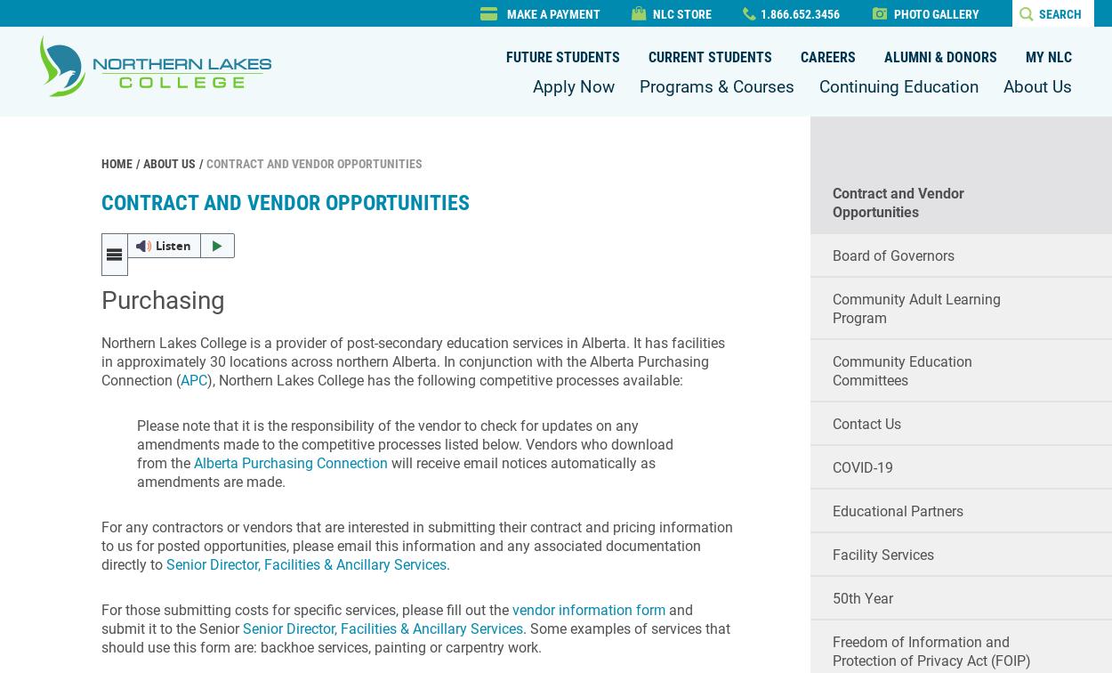 This screenshot has height=673, width=1112. What do you see at coordinates (552, 13) in the screenshot?
I see `'Make a Payment'` at bounding box center [552, 13].